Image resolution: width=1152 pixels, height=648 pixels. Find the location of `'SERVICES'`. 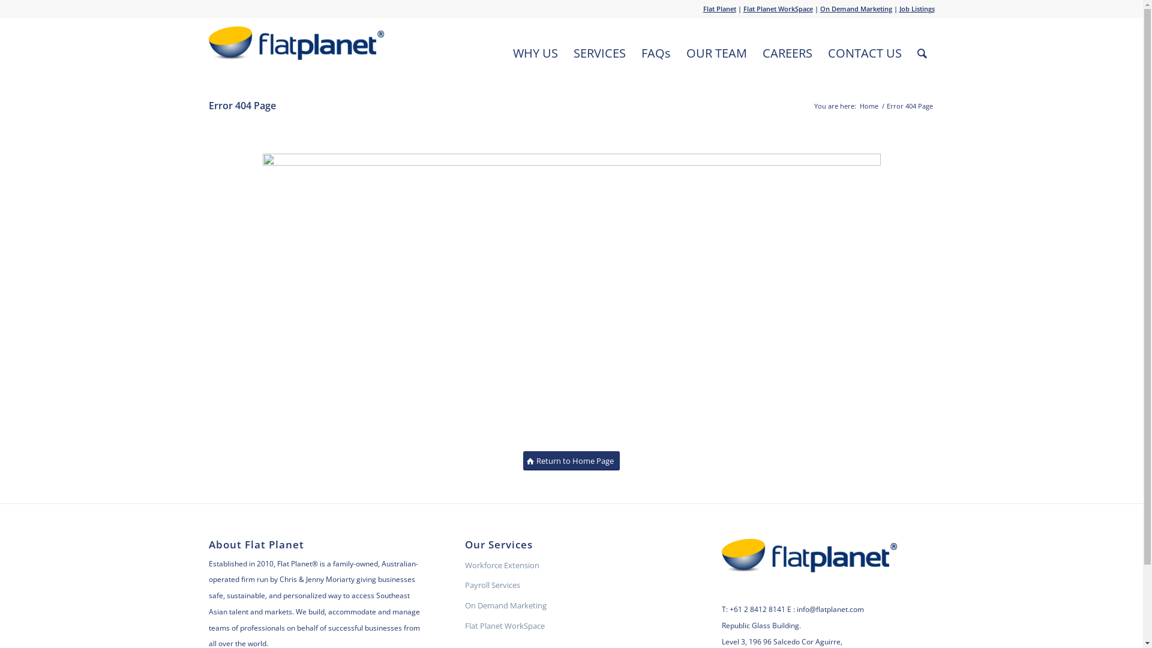

'SERVICES' is located at coordinates (599, 52).